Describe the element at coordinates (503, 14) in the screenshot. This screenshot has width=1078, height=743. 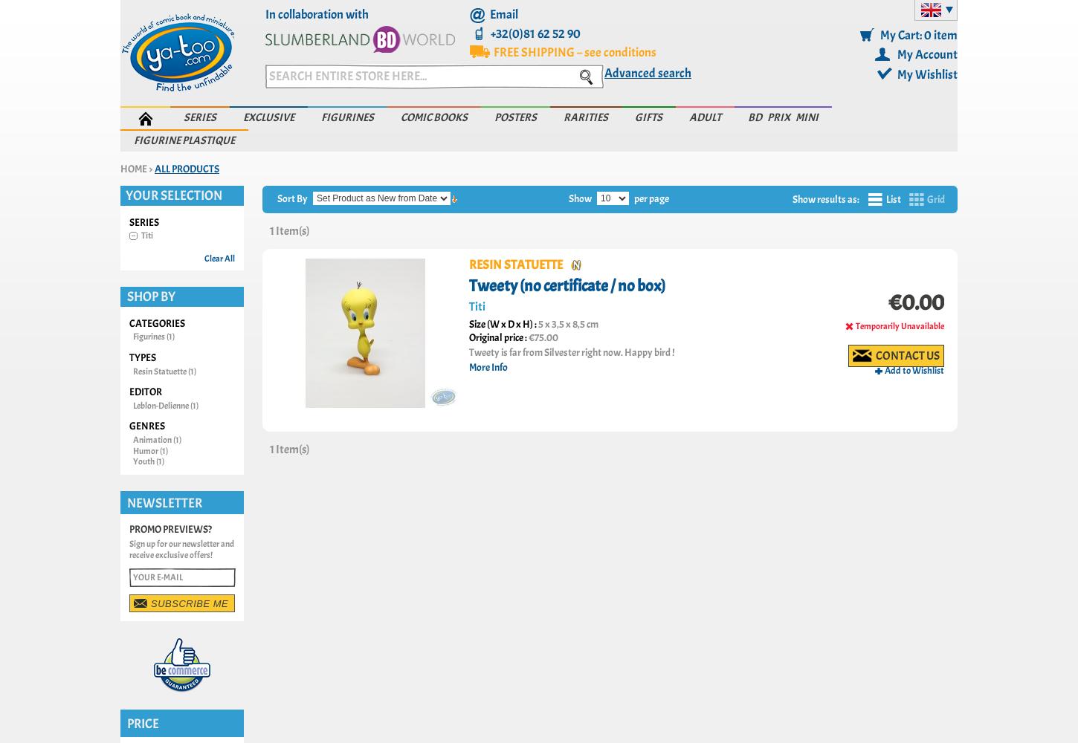
I see `'Email'` at that location.